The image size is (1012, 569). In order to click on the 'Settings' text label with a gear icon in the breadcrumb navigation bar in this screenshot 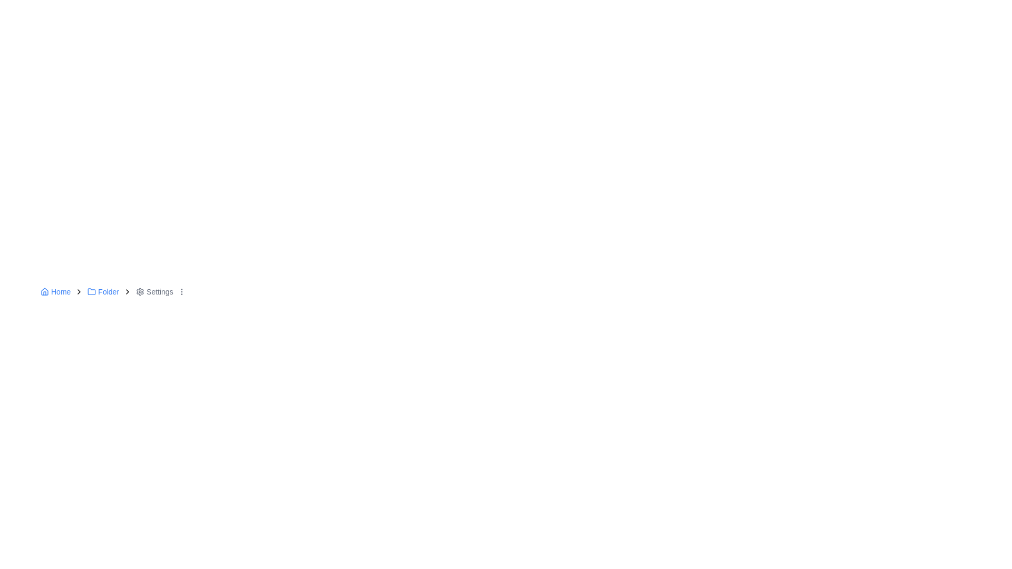, I will do `click(154, 292)`.